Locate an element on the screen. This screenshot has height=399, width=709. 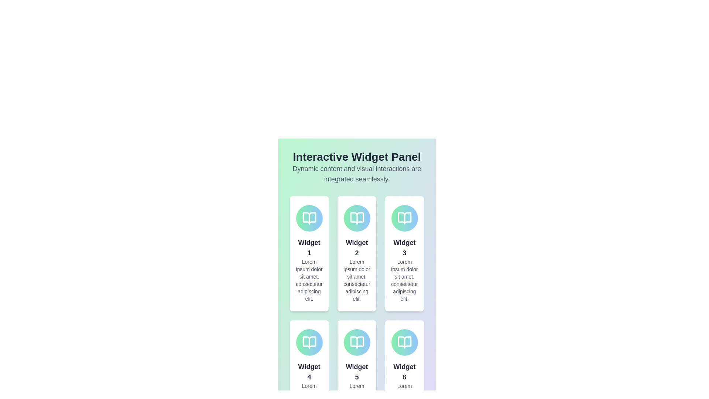
the associated context or content by clicking on the graphical icon located in the 'Widget 5' card, which is positioned above the text 'Widget 5.' is located at coordinates (357, 342).